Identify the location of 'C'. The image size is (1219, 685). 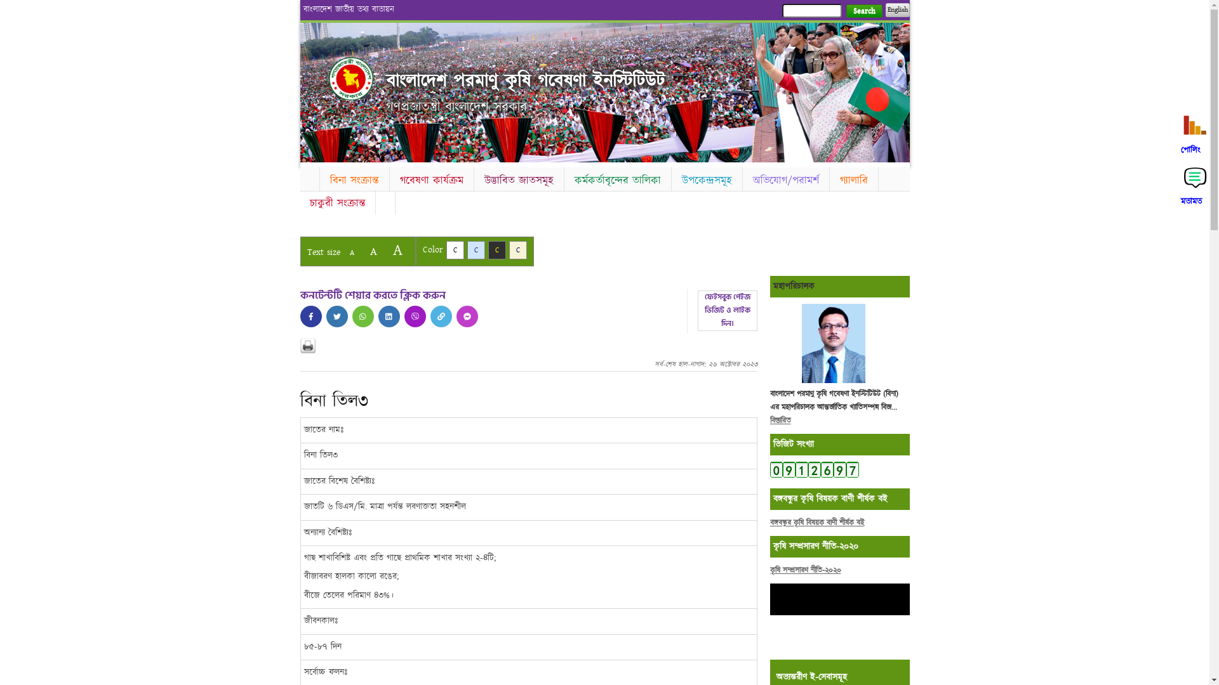
(475, 250).